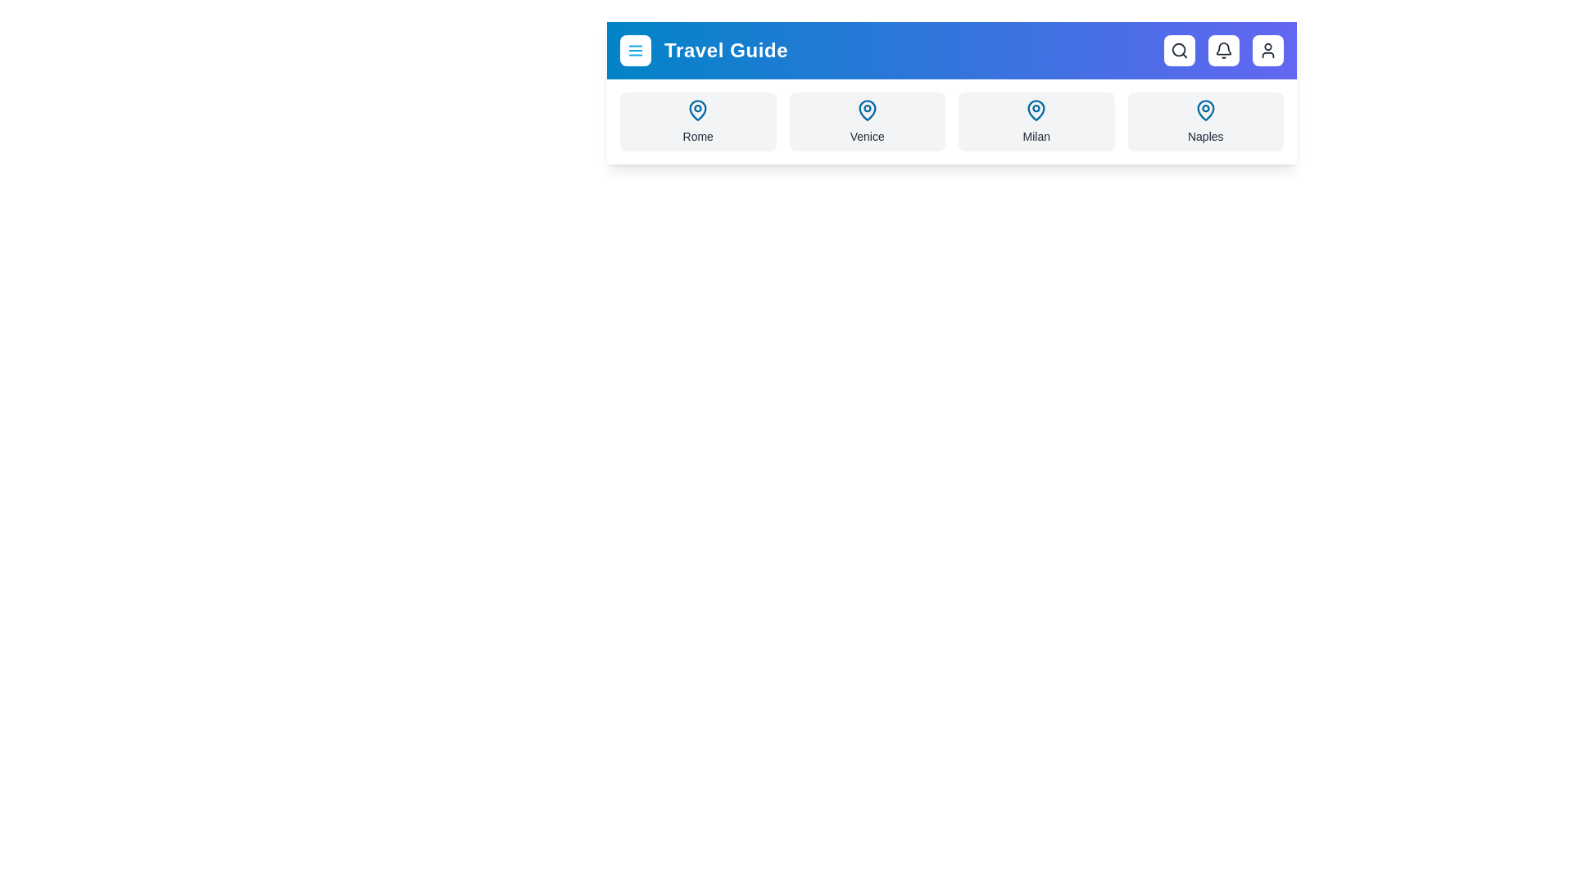 This screenshot has height=884, width=1573. I want to click on the map pin icon for Naples, so click(1205, 110).